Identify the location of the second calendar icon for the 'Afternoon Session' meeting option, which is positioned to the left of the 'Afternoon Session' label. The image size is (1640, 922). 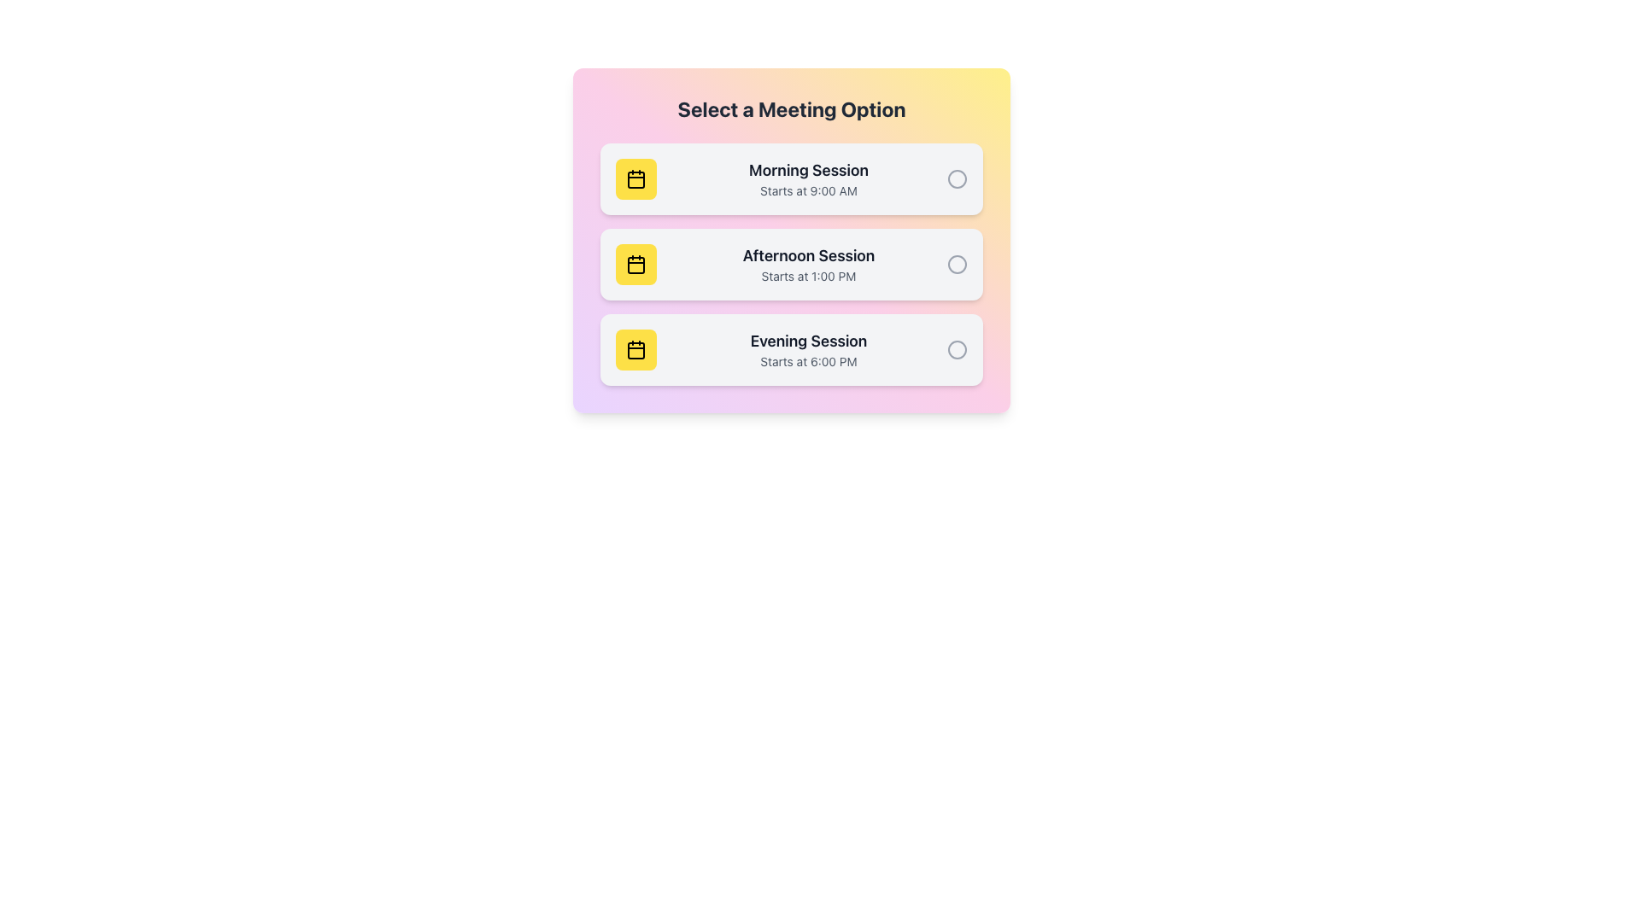
(635, 266).